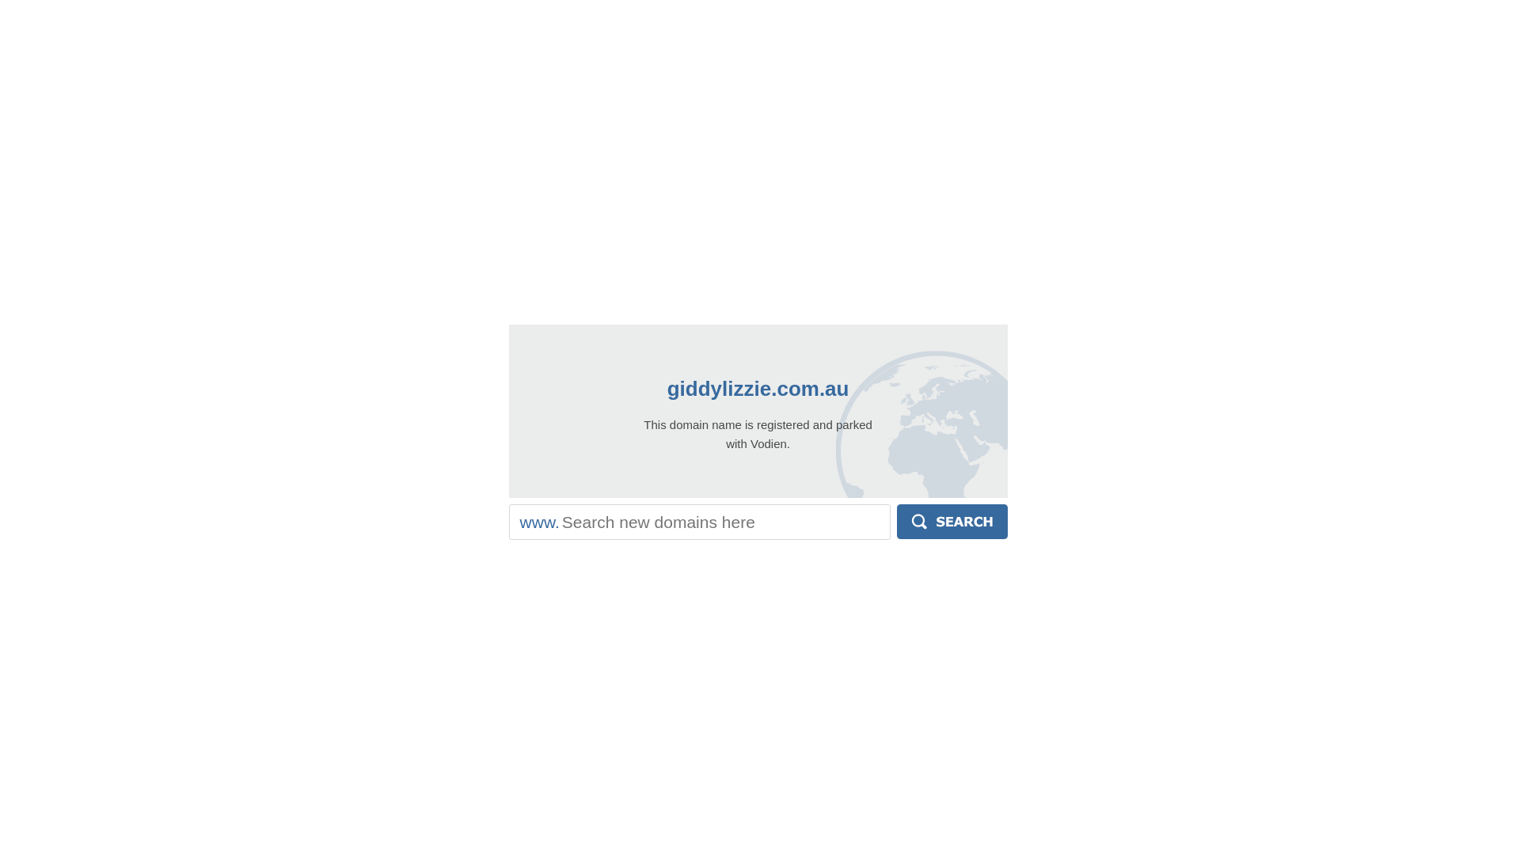  What do you see at coordinates (952, 522) in the screenshot?
I see `'Search'` at bounding box center [952, 522].